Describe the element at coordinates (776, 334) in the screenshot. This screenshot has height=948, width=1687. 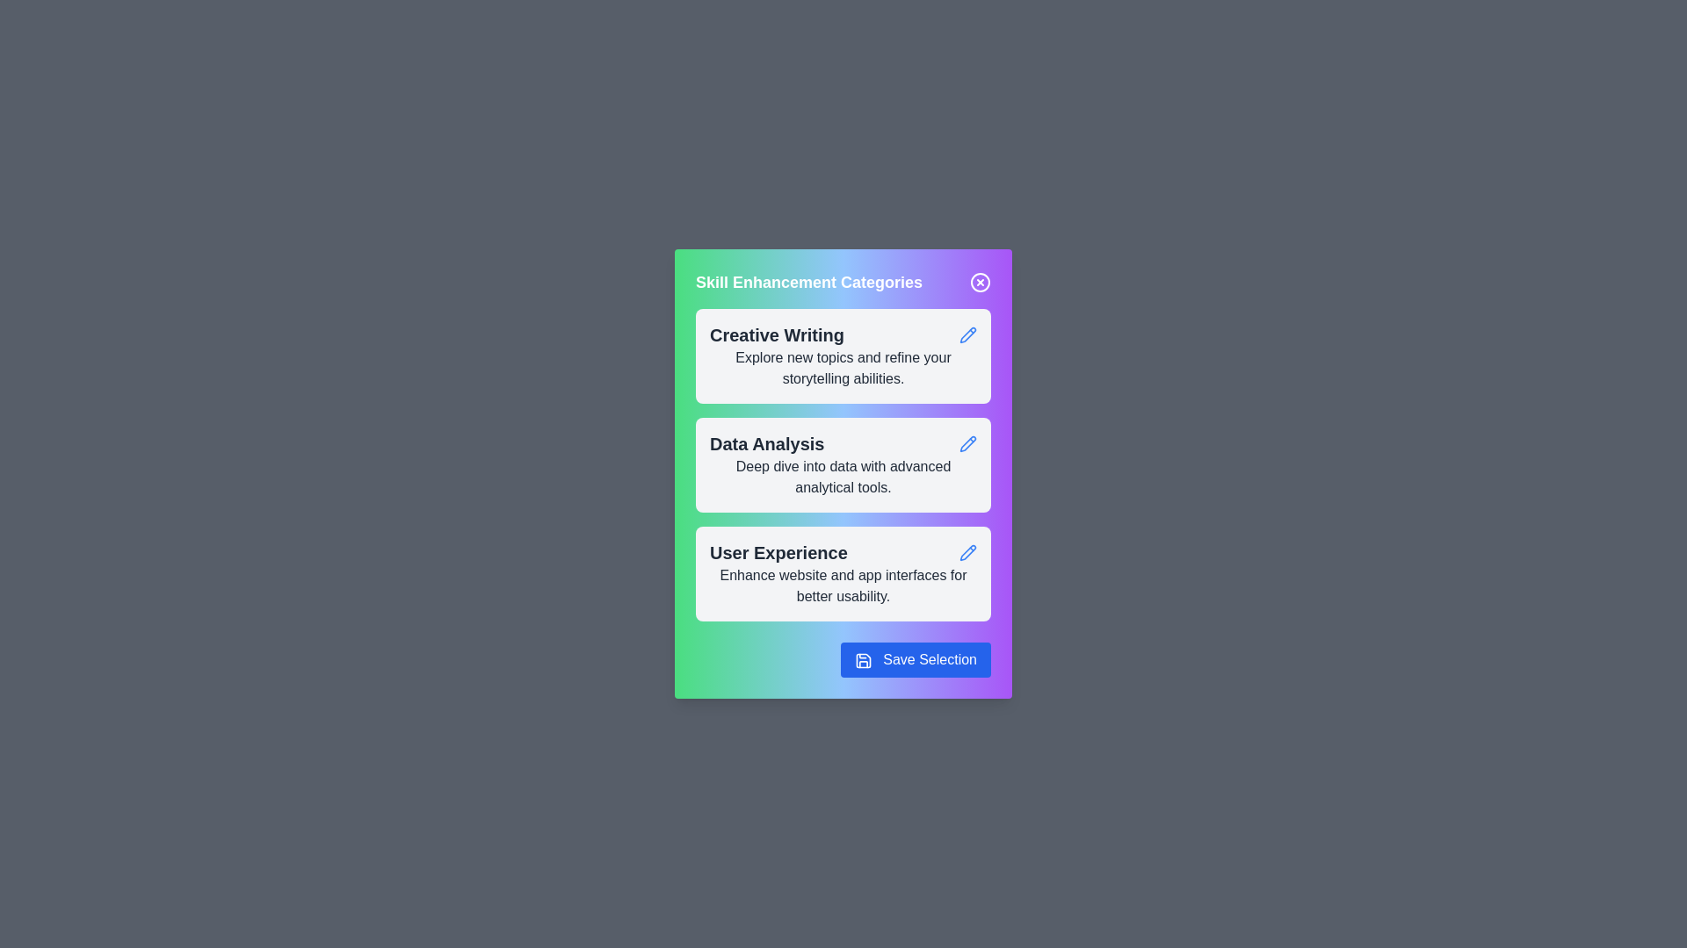
I see `the text of the category card labeled 'Creative Writing' to select it` at that location.